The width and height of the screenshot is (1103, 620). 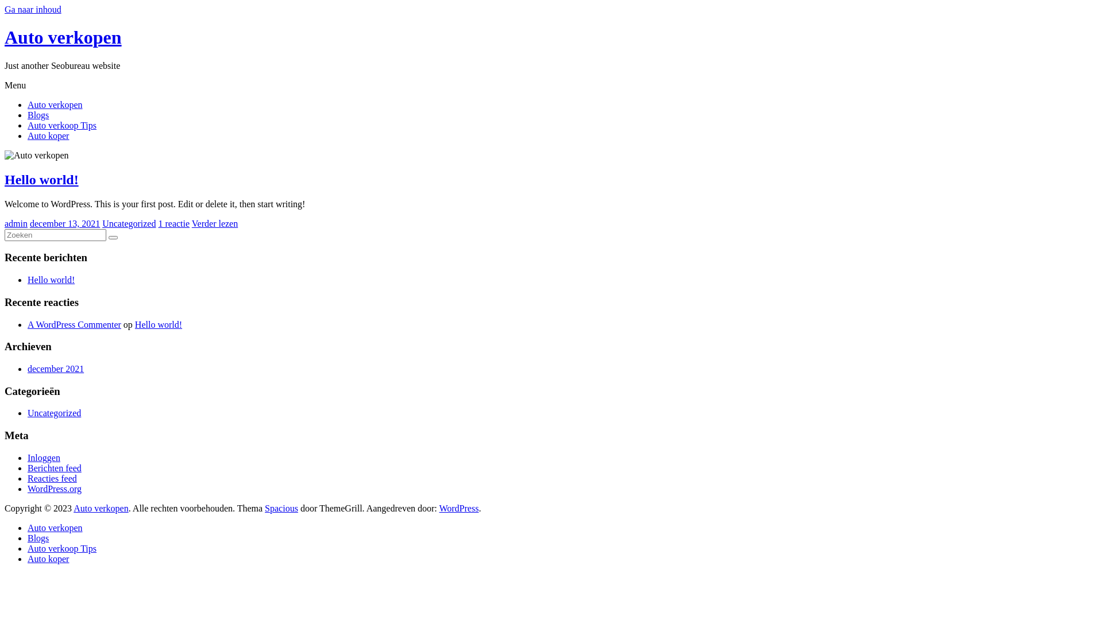 What do you see at coordinates (74, 324) in the screenshot?
I see `'A WordPress Commenter'` at bounding box center [74, 324].